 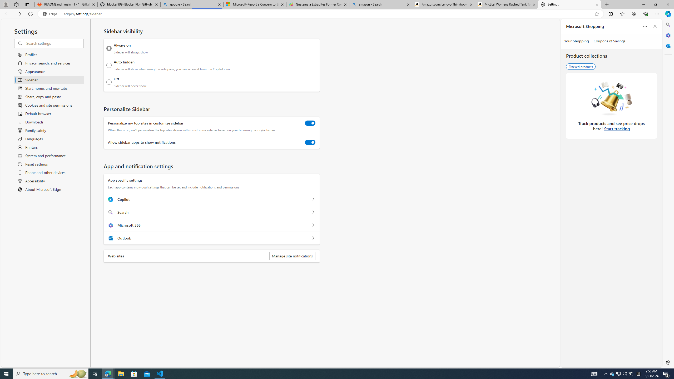 I want to click on 'Off Sidebar will never show', so click(x=109, y=82).